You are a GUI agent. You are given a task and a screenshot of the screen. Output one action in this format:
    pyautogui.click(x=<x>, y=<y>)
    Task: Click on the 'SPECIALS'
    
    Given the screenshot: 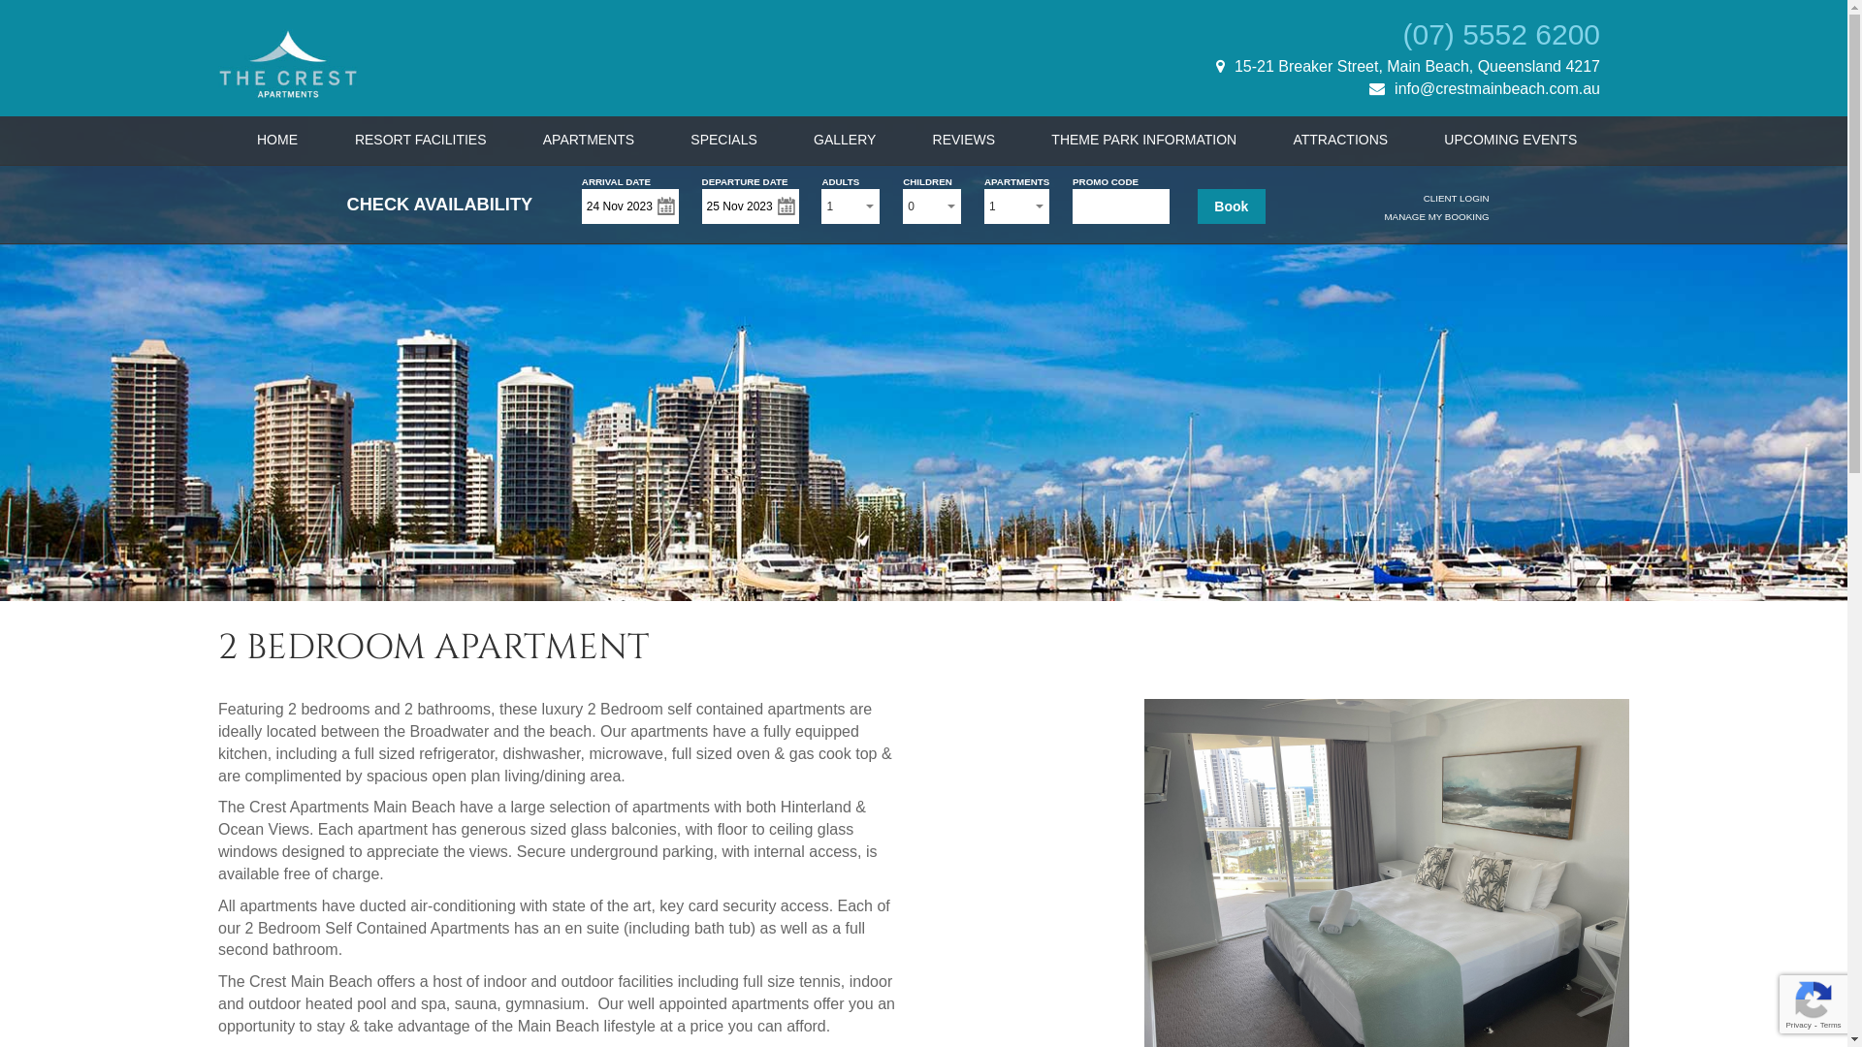 What is the action you would take?
    pyautogui.click(x=722, y=138)
    